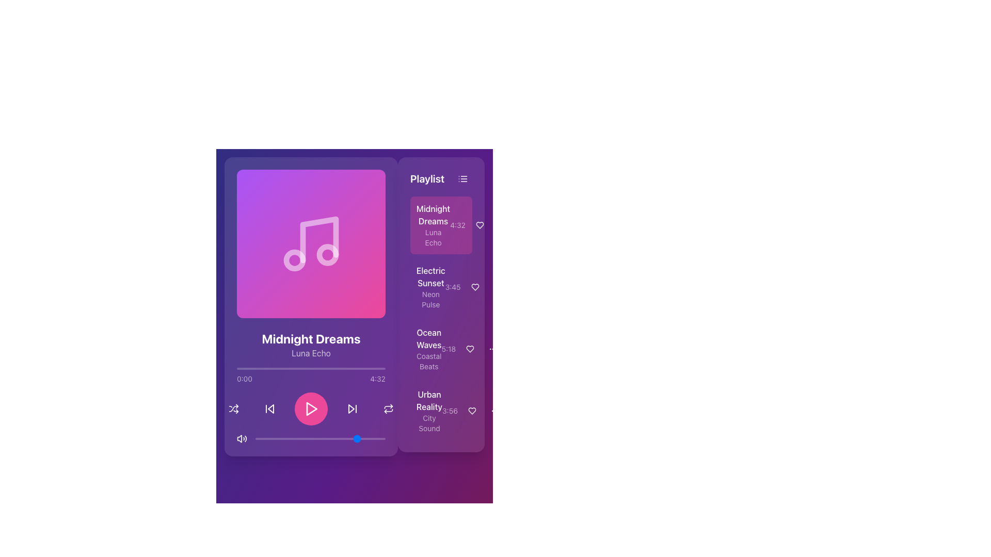 The image size is (991, 557). Describe the element at coordinates (449, 349) in the screenshot. I see `the text label displaying '5:18' which represents the duration for the song 'Ocean Waves' in the playlist` at that location.